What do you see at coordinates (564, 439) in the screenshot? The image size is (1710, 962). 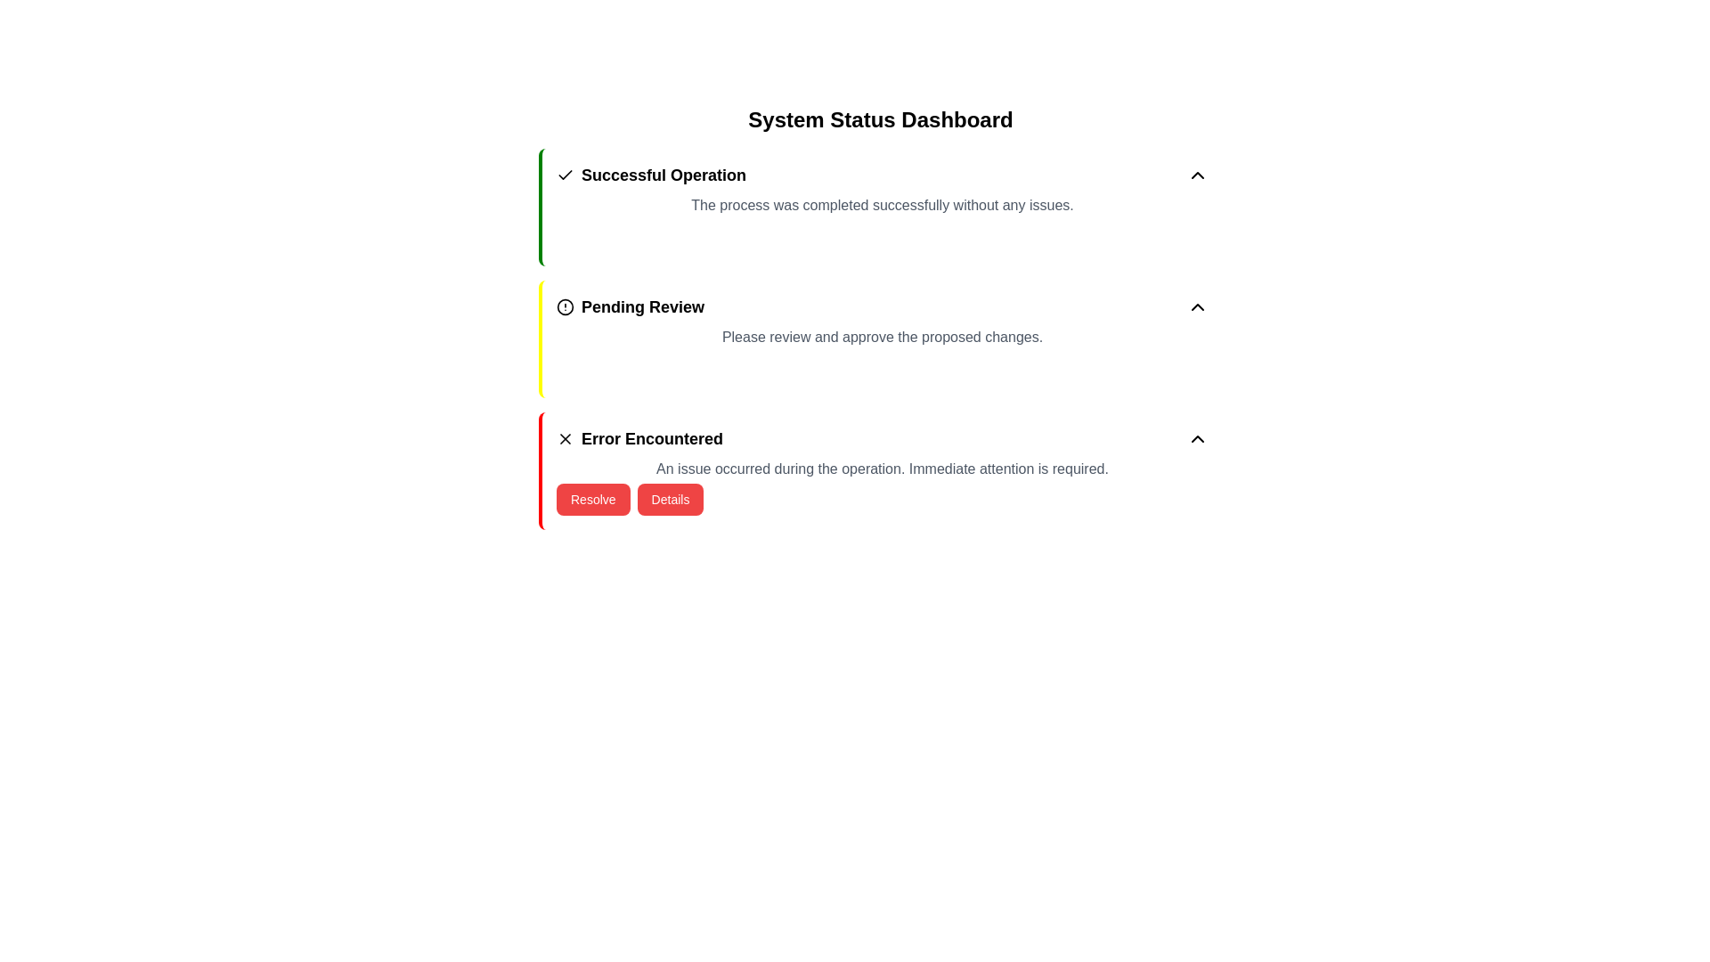 I see `the small red 'X' icon indicating an error, located in the 'Error Encountered' notification block at the bottom of the status dashboard` at bounding box center [564, 439].